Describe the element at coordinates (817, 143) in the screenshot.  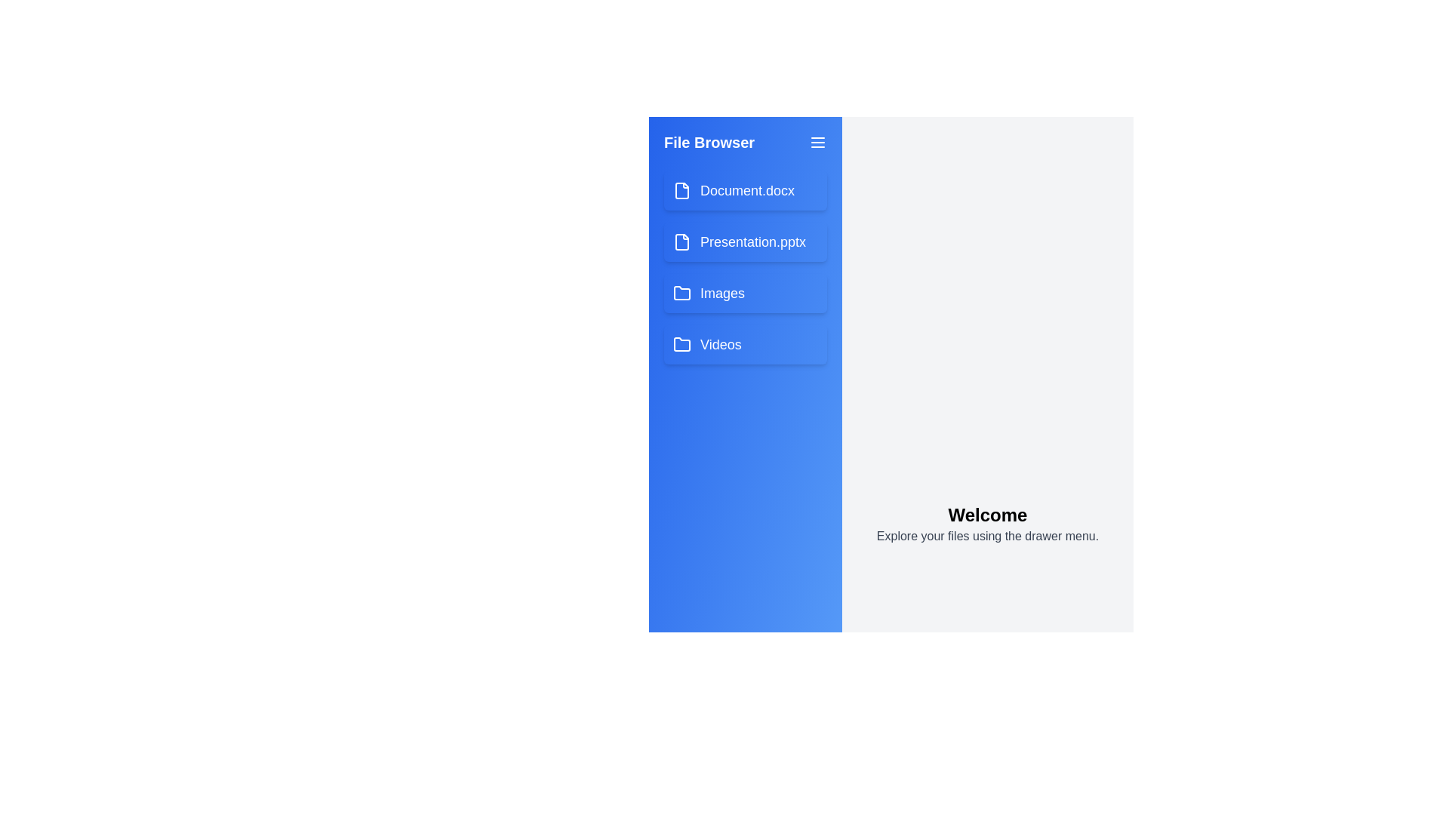
I see `the menu button to collapse the drawer menu` at that location.